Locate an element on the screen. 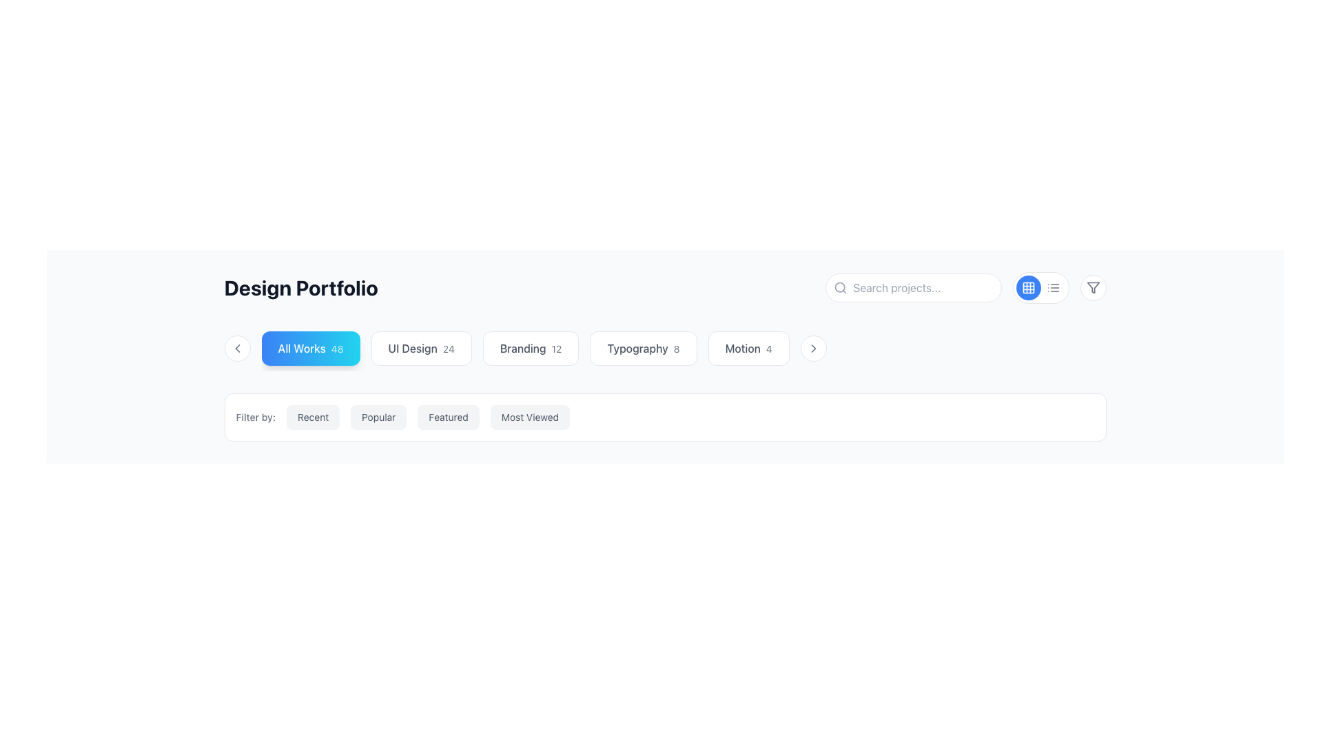 The image size is (1323, 744). the Filter Icon located in the upper-right section of the interface is located at coordinates (1092, 287).